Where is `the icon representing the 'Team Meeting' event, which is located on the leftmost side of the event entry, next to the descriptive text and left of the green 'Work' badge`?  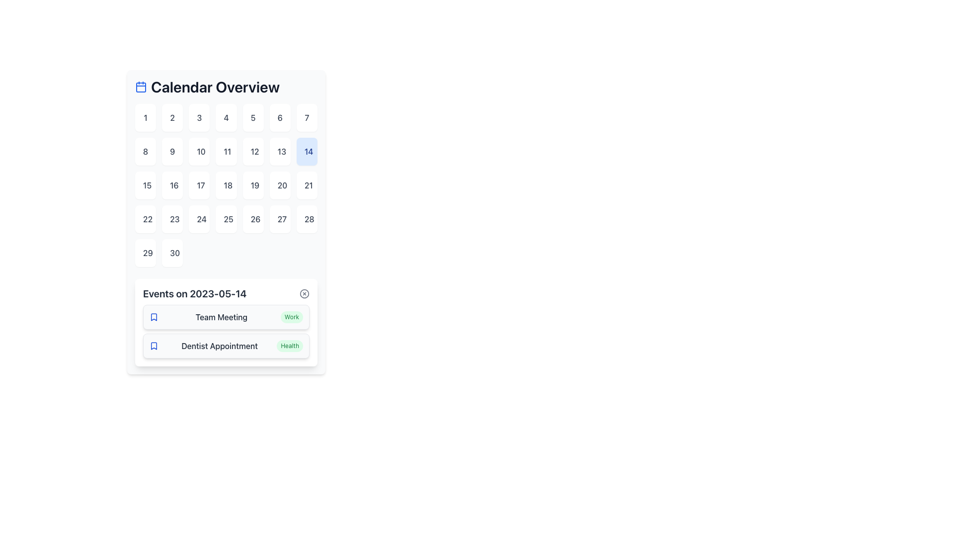
the icon representing the 'Team Meeting' event, which is located on the leftmost side of the event entry, next to the descriptive text and left of the green 'Work' badge is located at coordinates (154, 317).